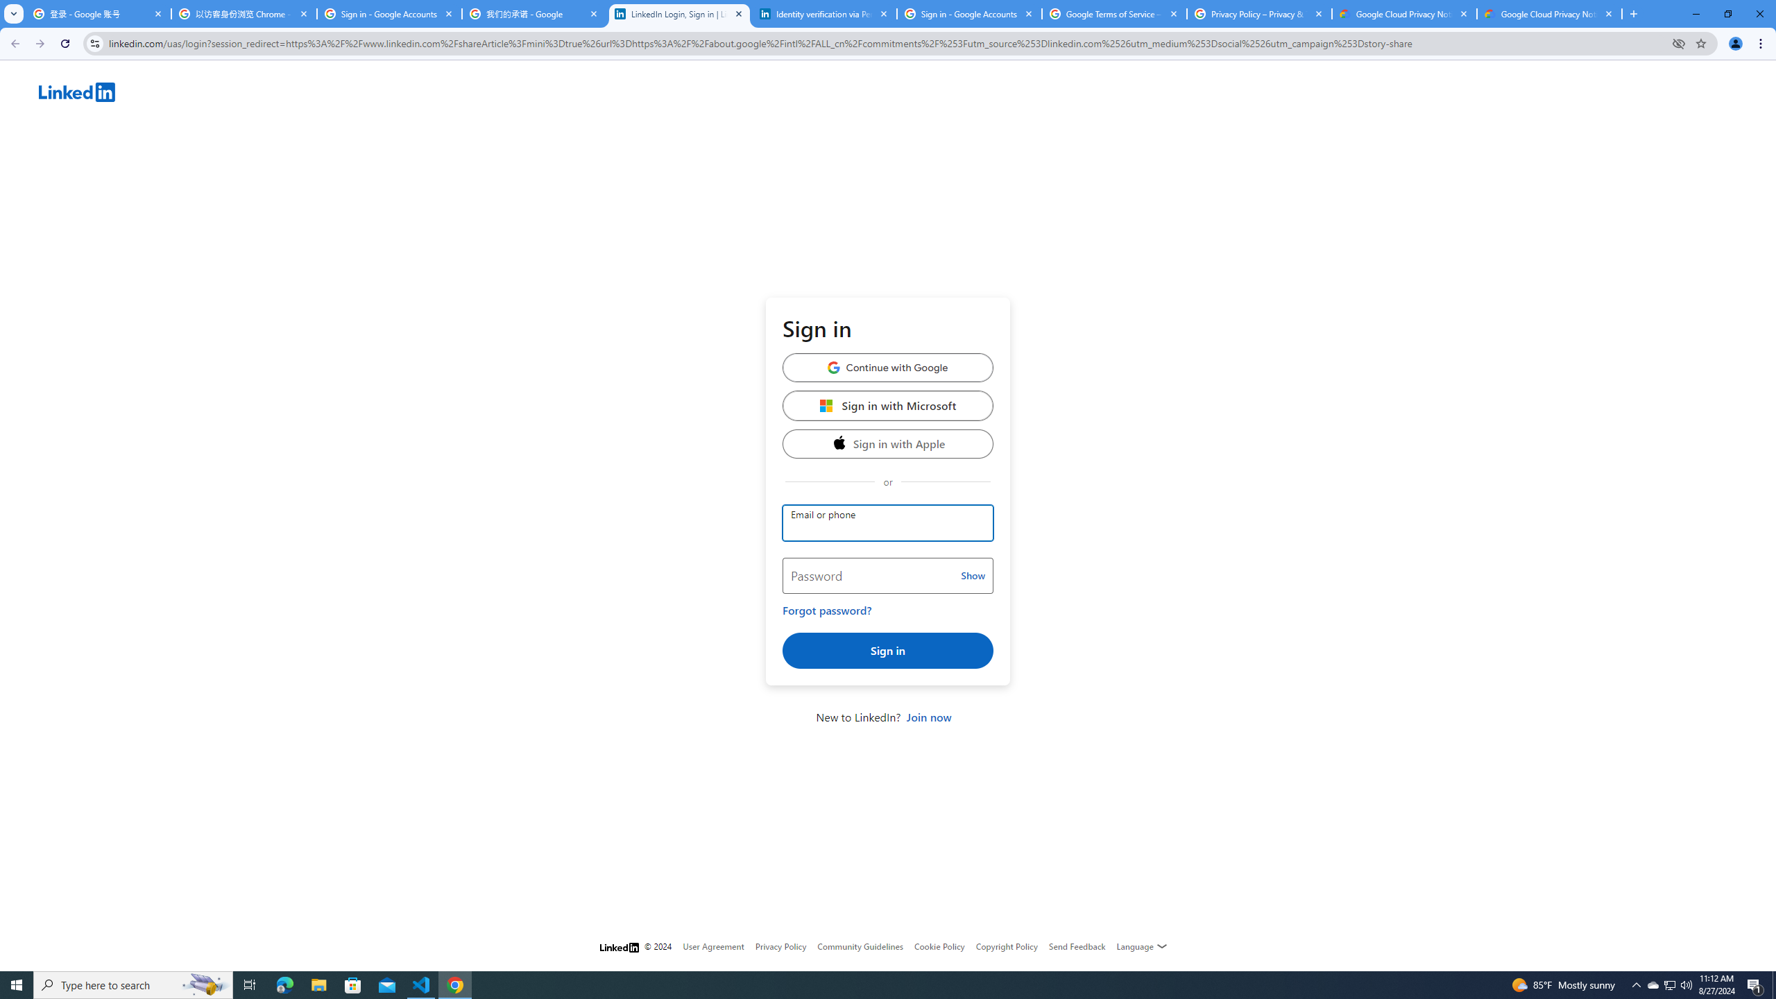  I want to click on 'AutomationID: feedback-request', so click(1077, 946).